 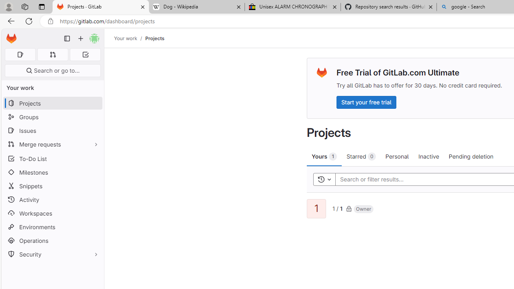 What do you see at coordinates (471, 156) in the screenshot?
I see `'Pending deletion'` at bounding box center [471, 156].